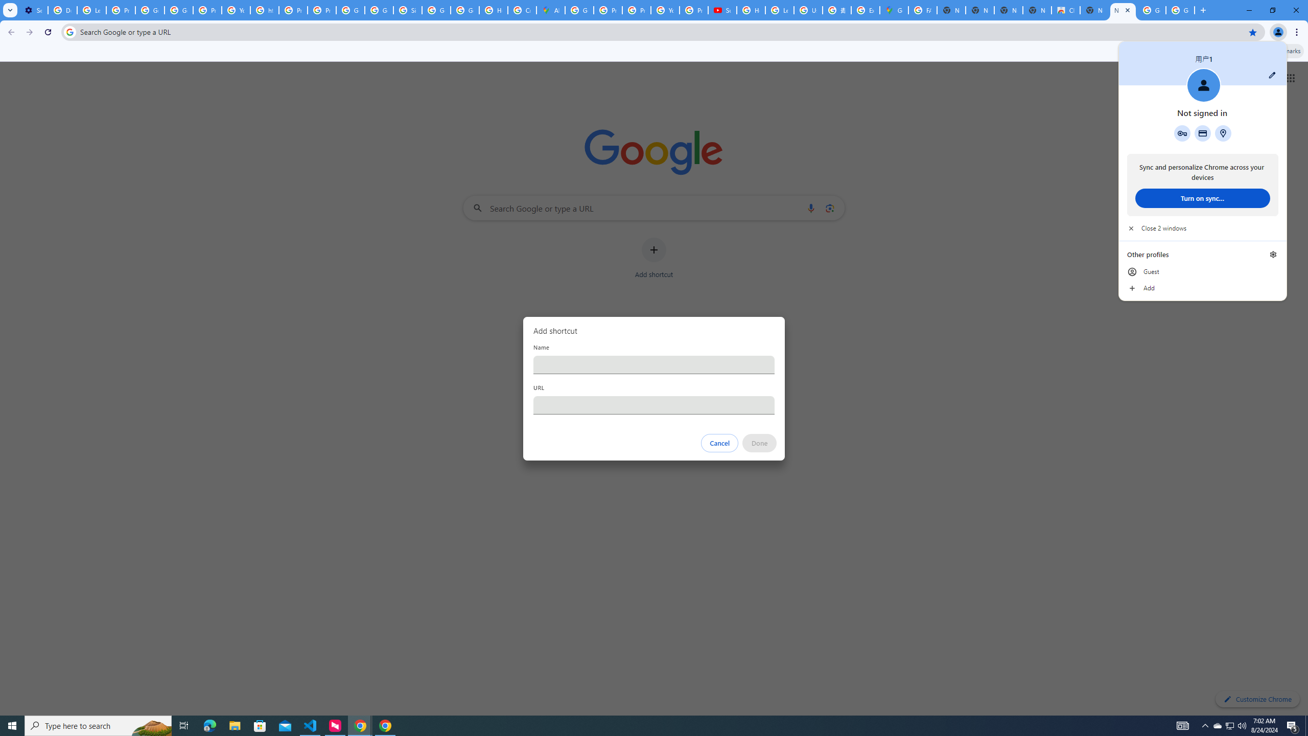 The image size is (1308, 736). I want to click on 'Add', so click(1202, 288).